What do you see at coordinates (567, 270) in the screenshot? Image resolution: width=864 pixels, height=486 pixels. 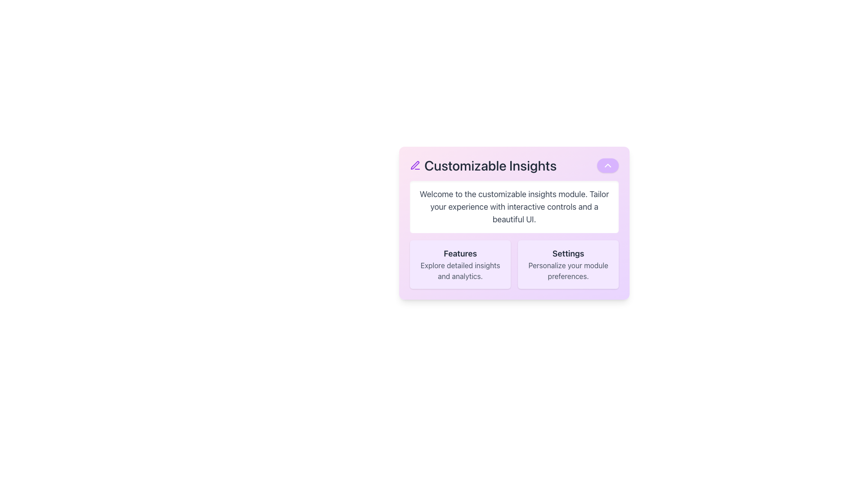 I see `the text label that reads 'Personalize your module preferences,' located inside the lavender 'Settings' card within the 'Customizable Insights' layout` at bounding box center [567, 270].